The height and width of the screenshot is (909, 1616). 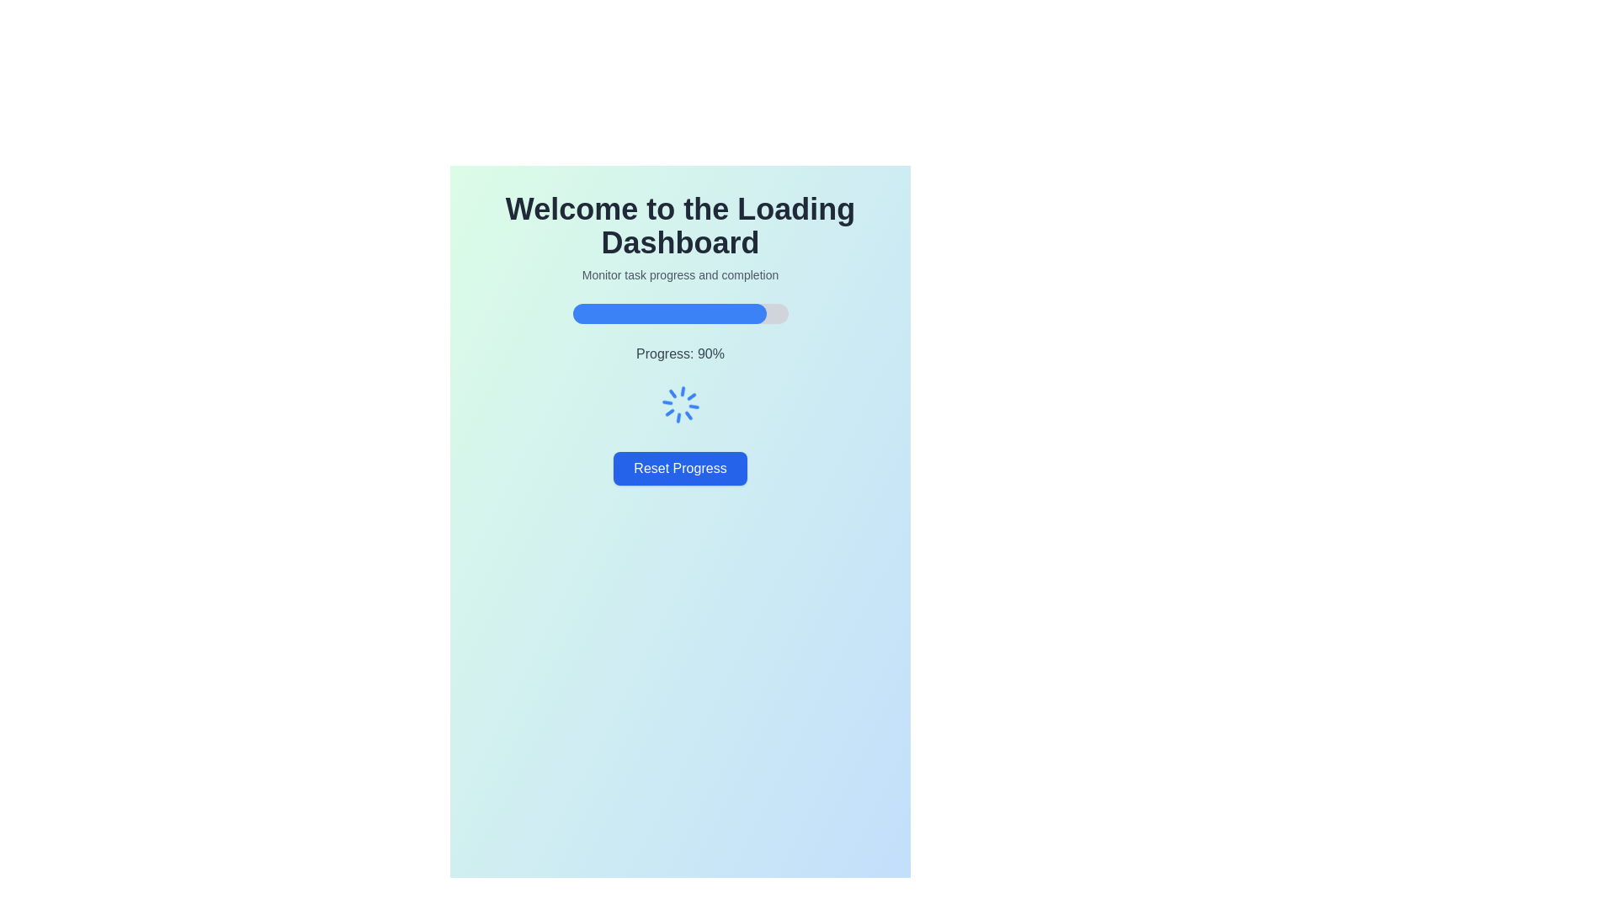 I want to click on the Loading Spinner, which is located in the middle section of the page layout, beneath the 'Progress: 90%' text and above the 'Reset Progress' button, so click(x=680, y=405).